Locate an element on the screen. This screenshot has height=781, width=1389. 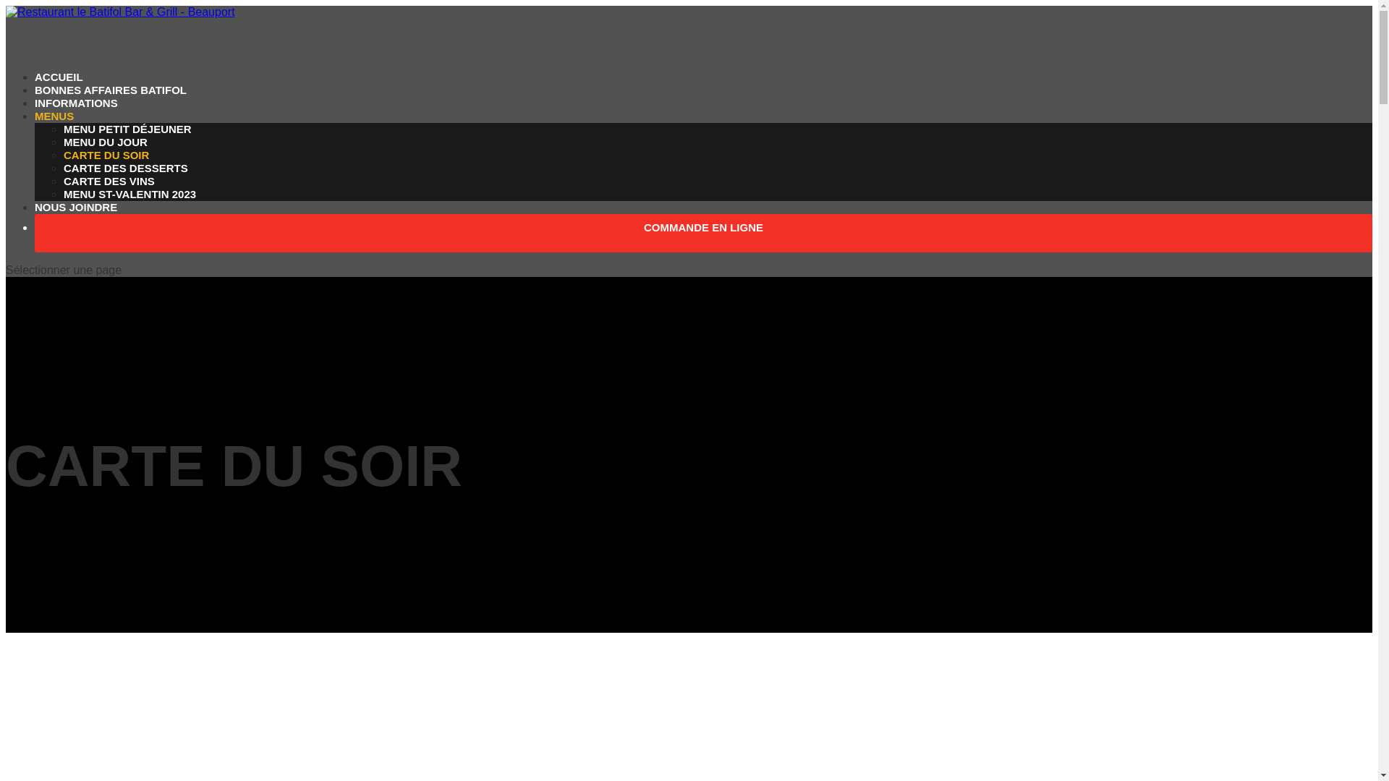
'CARTE DES DESSERTS' is located at coordinates (125, 167).